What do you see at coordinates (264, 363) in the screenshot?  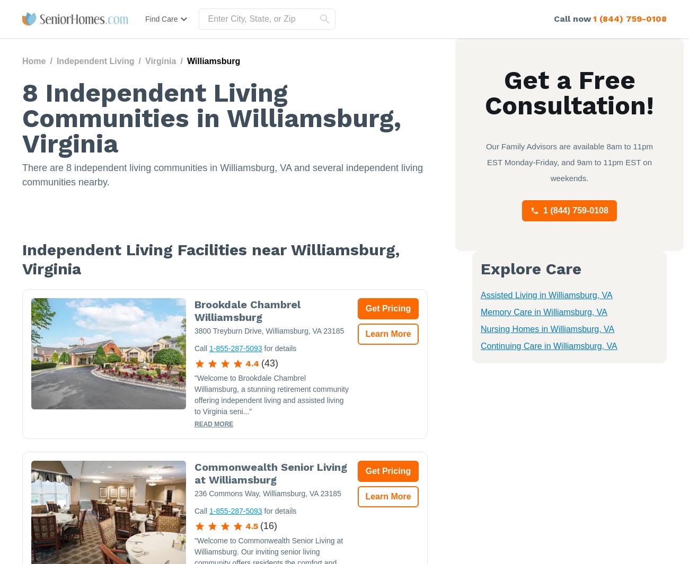 I see `'43'` at bounding box center [264, 363].